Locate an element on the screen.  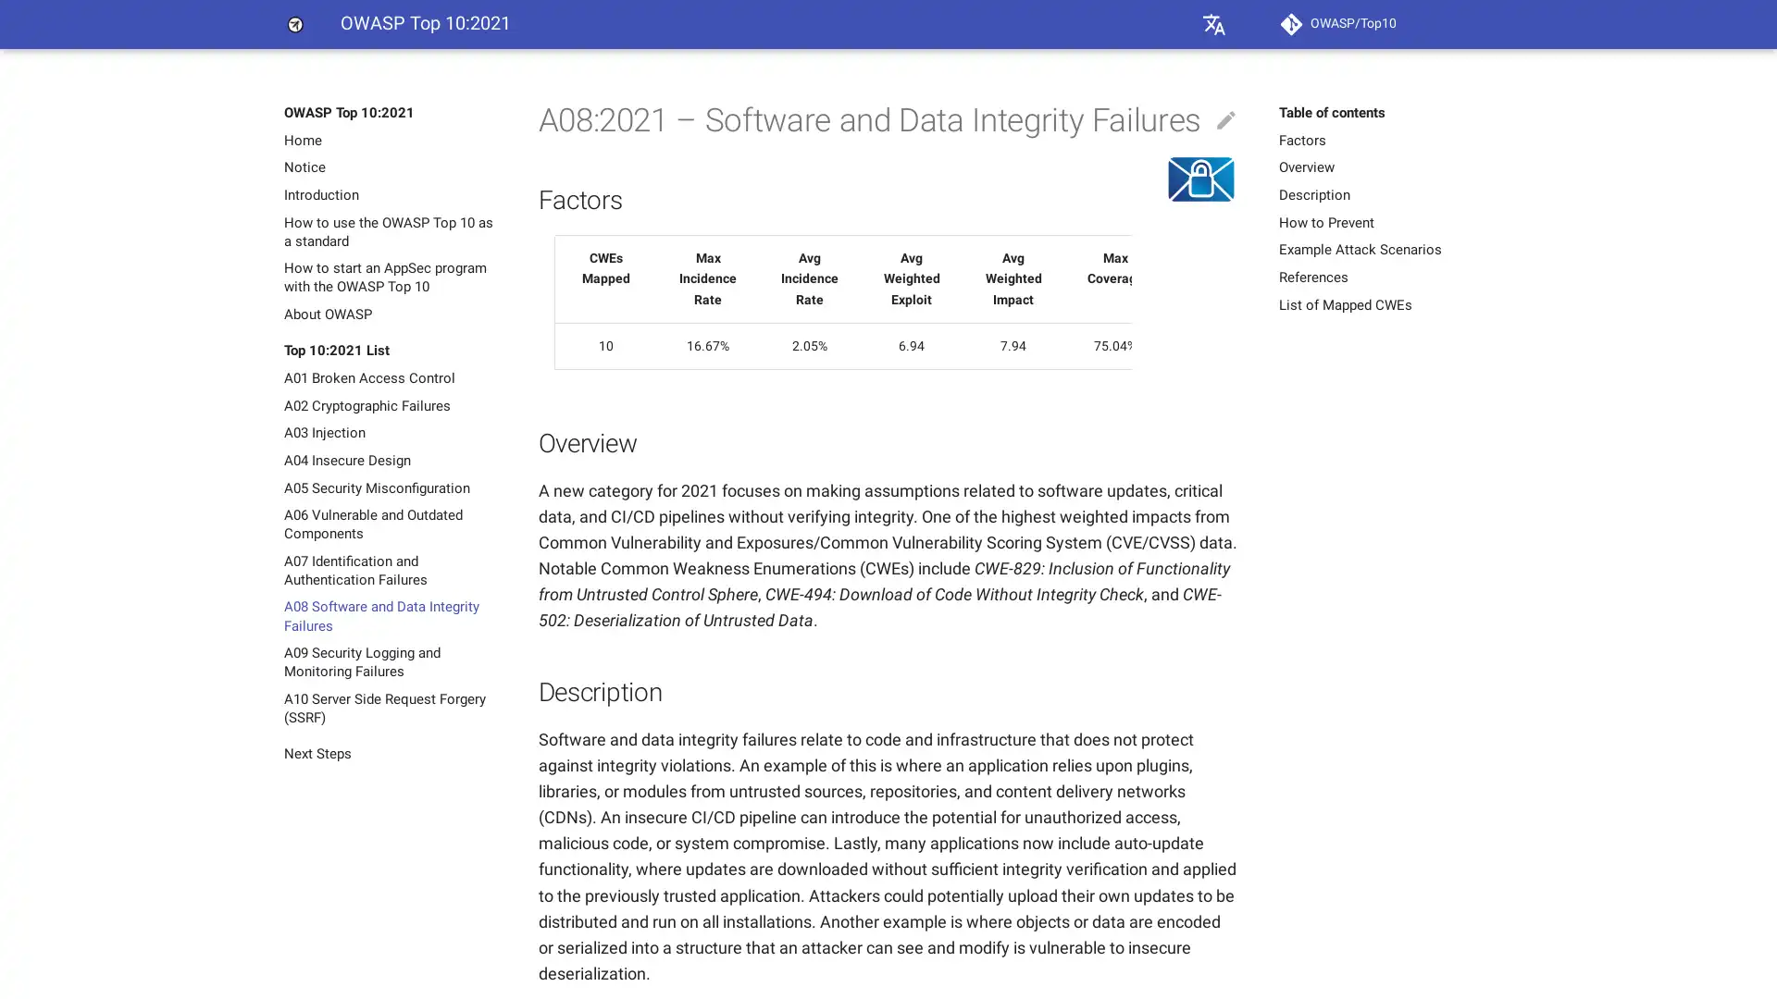
Select language is located at coordinates (1213, 24).